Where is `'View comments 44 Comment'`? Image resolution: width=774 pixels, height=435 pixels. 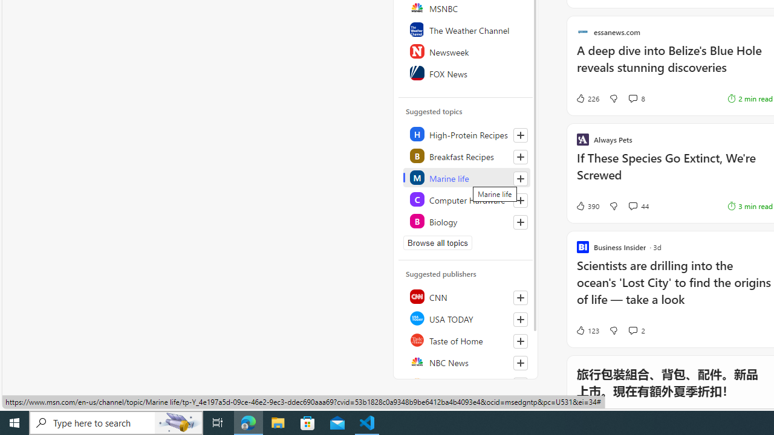
'View comments 44 Comment' is located at coordinates (638, 205).